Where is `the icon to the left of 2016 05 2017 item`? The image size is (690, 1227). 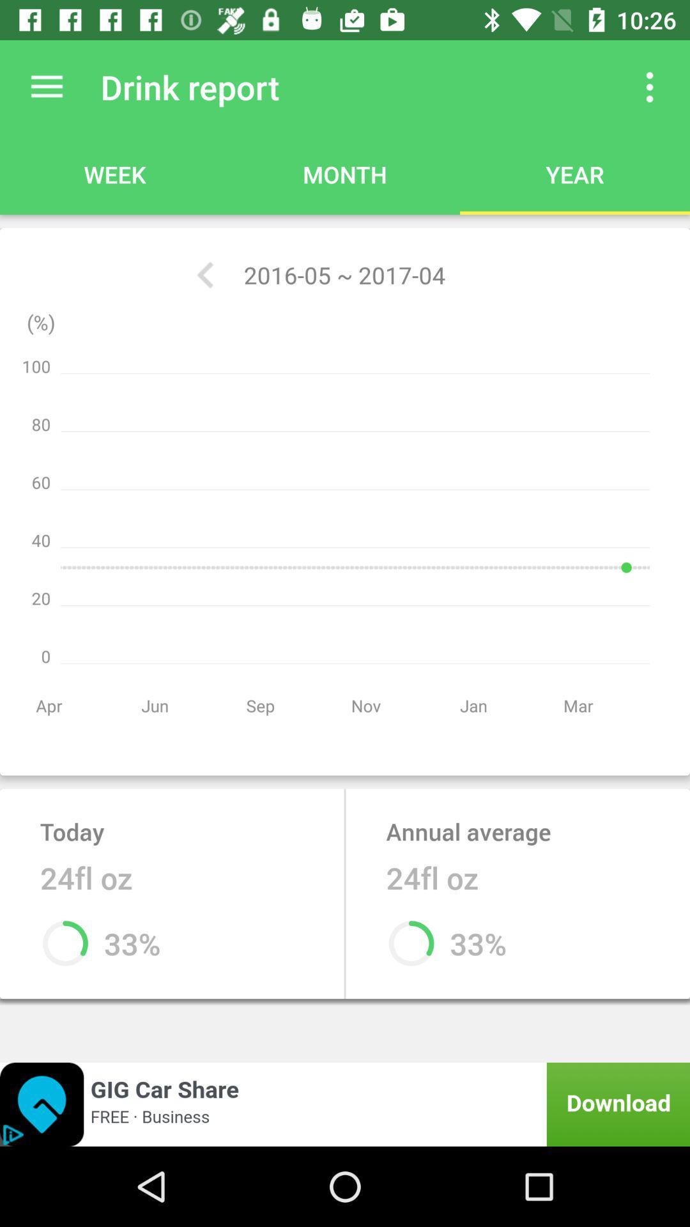 the icon to the left of 2016 05 2017 item is located at coordinates (204, 274).